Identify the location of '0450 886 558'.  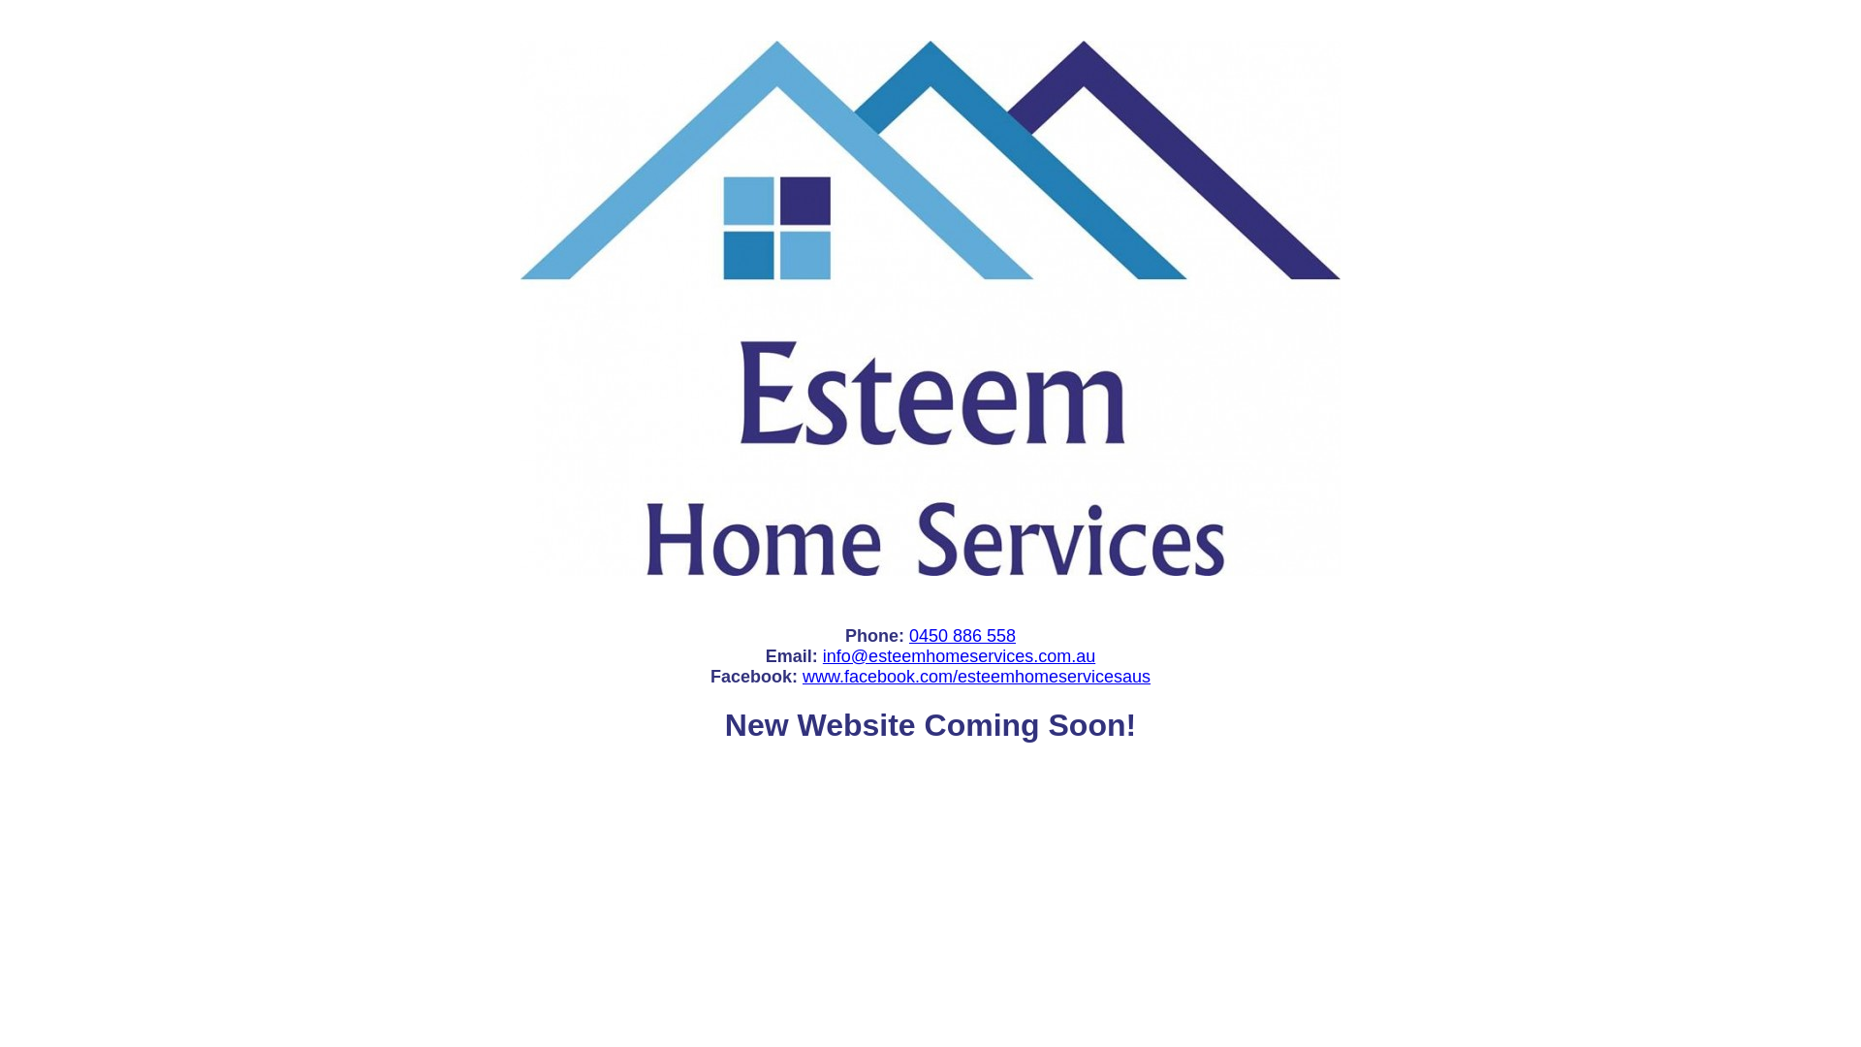
(907, 635).